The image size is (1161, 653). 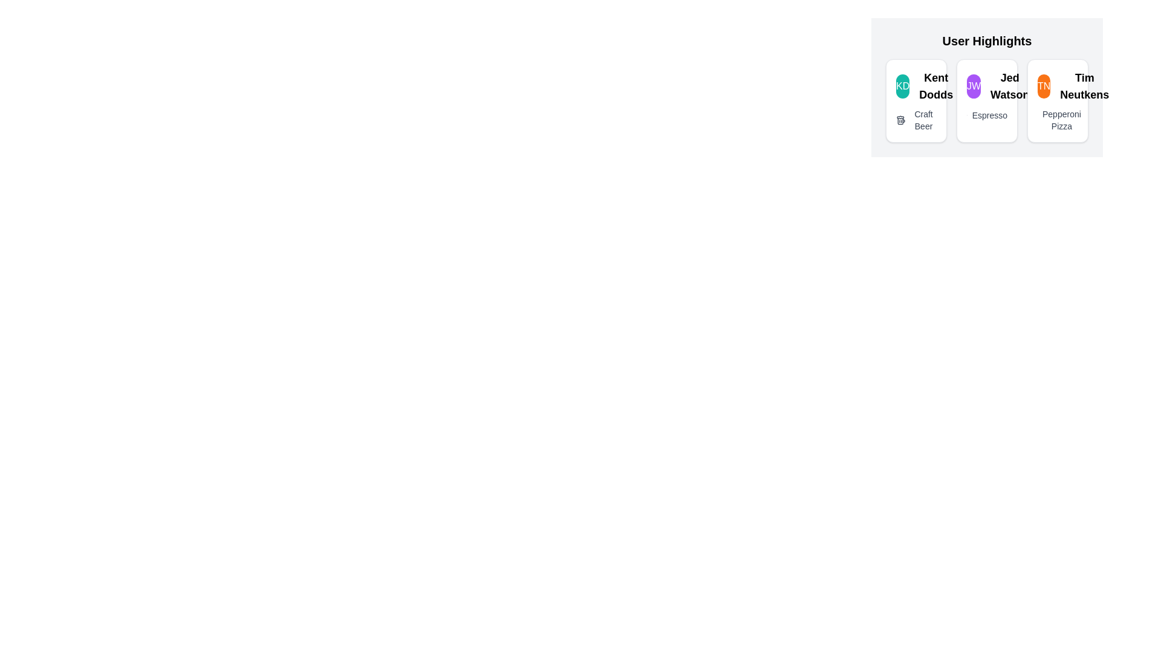 What do you see at coordinates (1057, 85) in the screenshot?
I see `the user name in the Profile preview component, which displays the user's avatar and name, located at the top-left of the rightmost card in the row of highlighted users` at bounding box center [1057, 85].